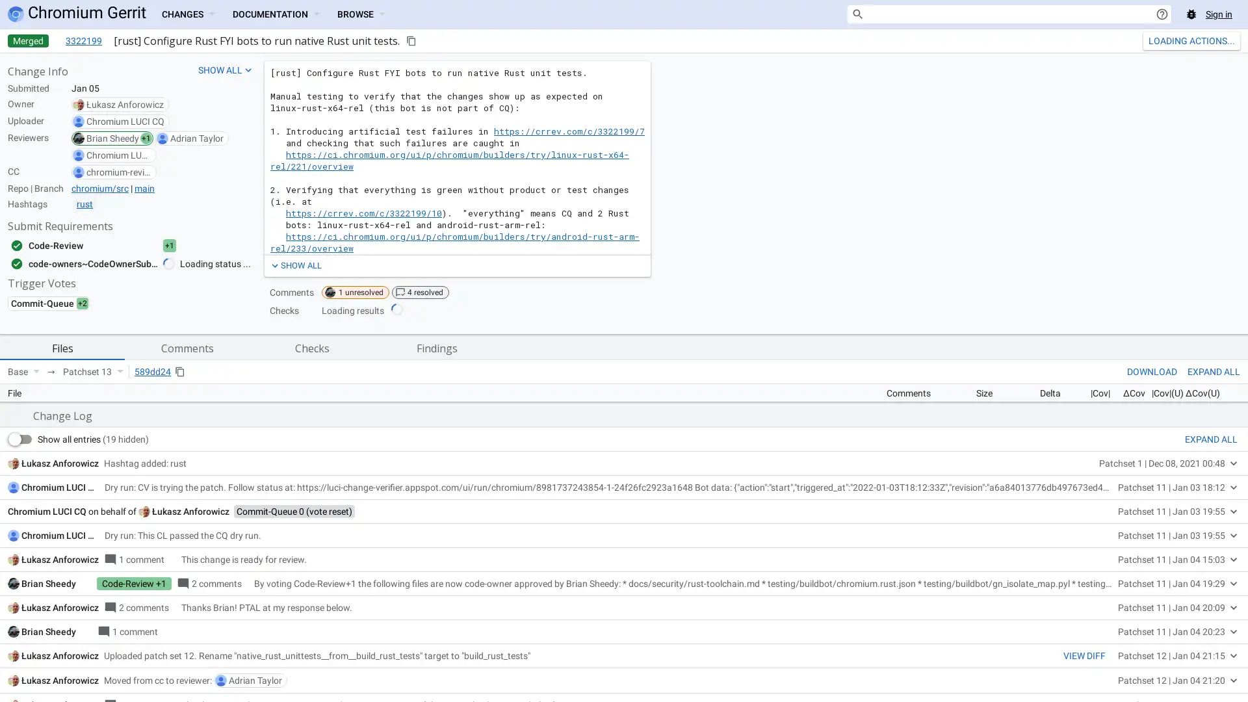 Image resolution: width=1248 pixels, height=702 pixels. What do you see at coordinates (106, 246) in the screenshot?
I see `satisfied Code-Review +1` at bounding box center [106, 246].